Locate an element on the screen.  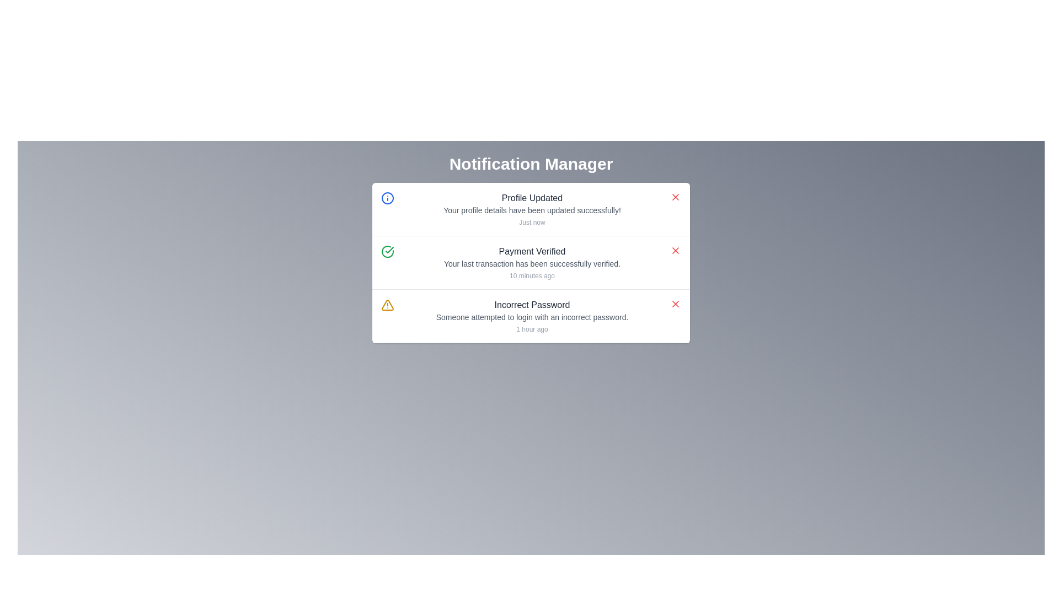
the static text that provides additional context about the 'Payment Verified' notification, confirming the successful verification of the last transaction is located at coordinates (532, 263).